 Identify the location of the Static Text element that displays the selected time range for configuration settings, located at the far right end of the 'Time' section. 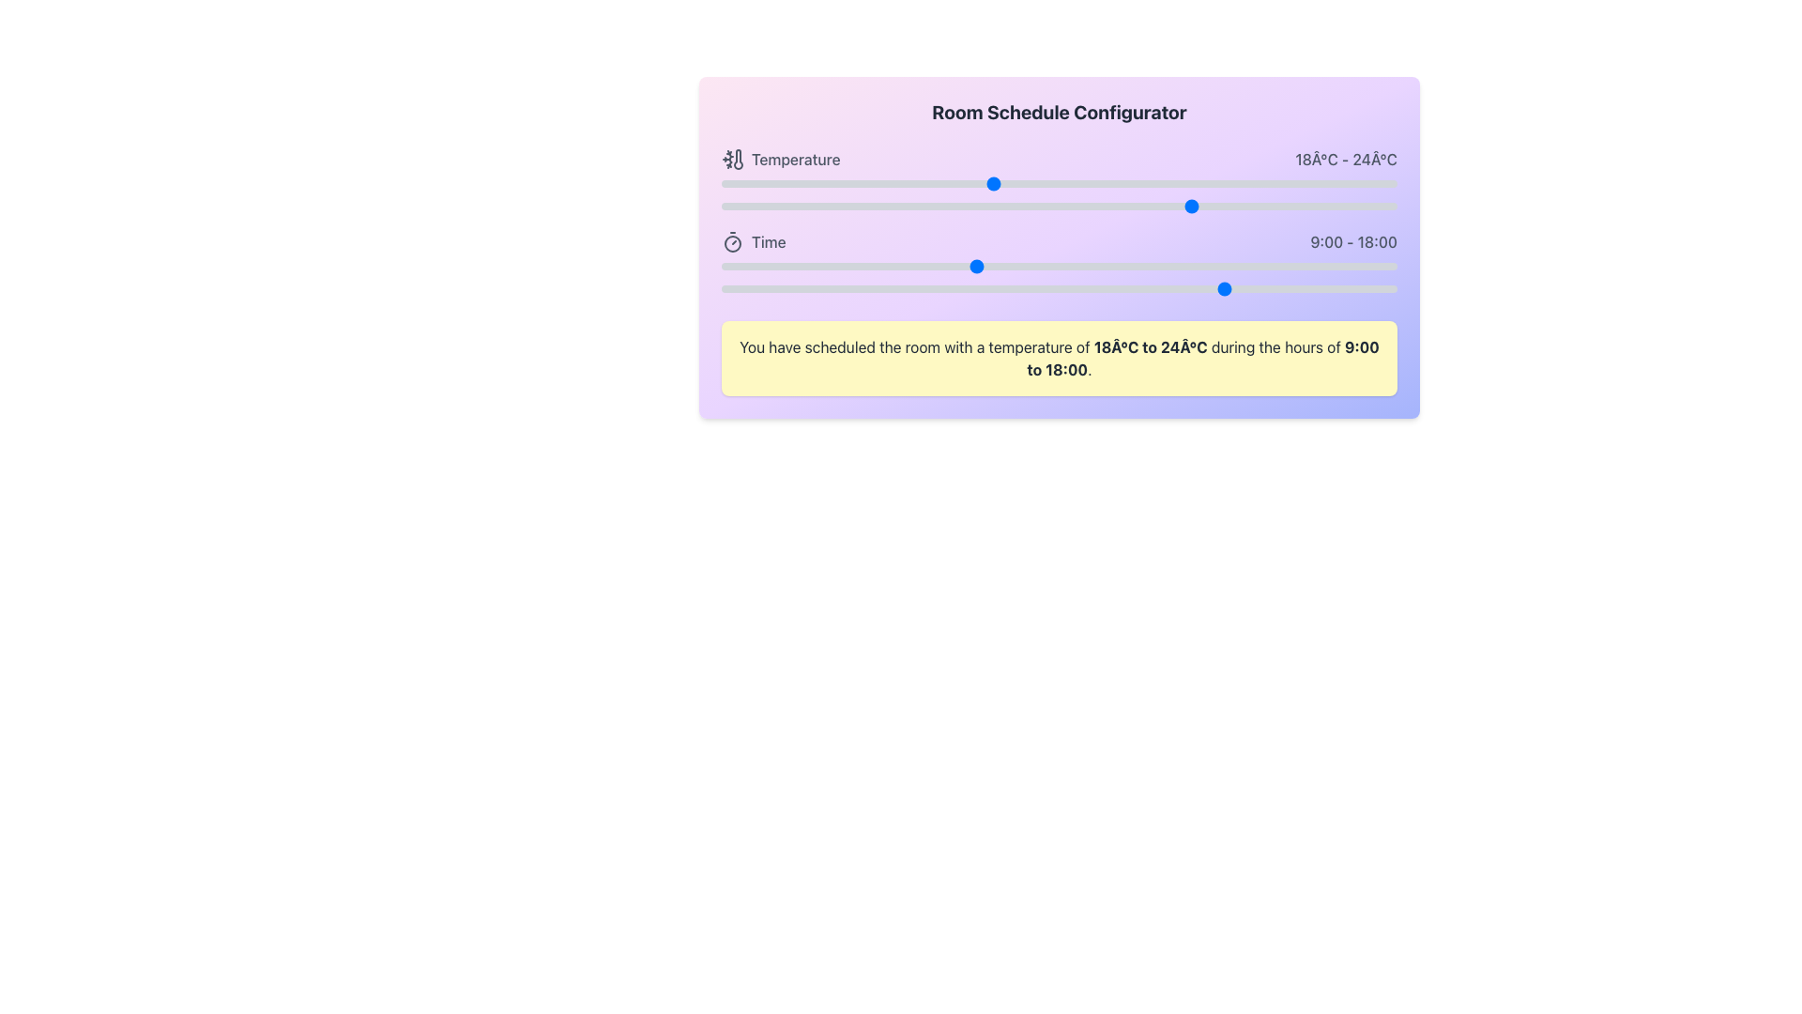
(1353, 241).